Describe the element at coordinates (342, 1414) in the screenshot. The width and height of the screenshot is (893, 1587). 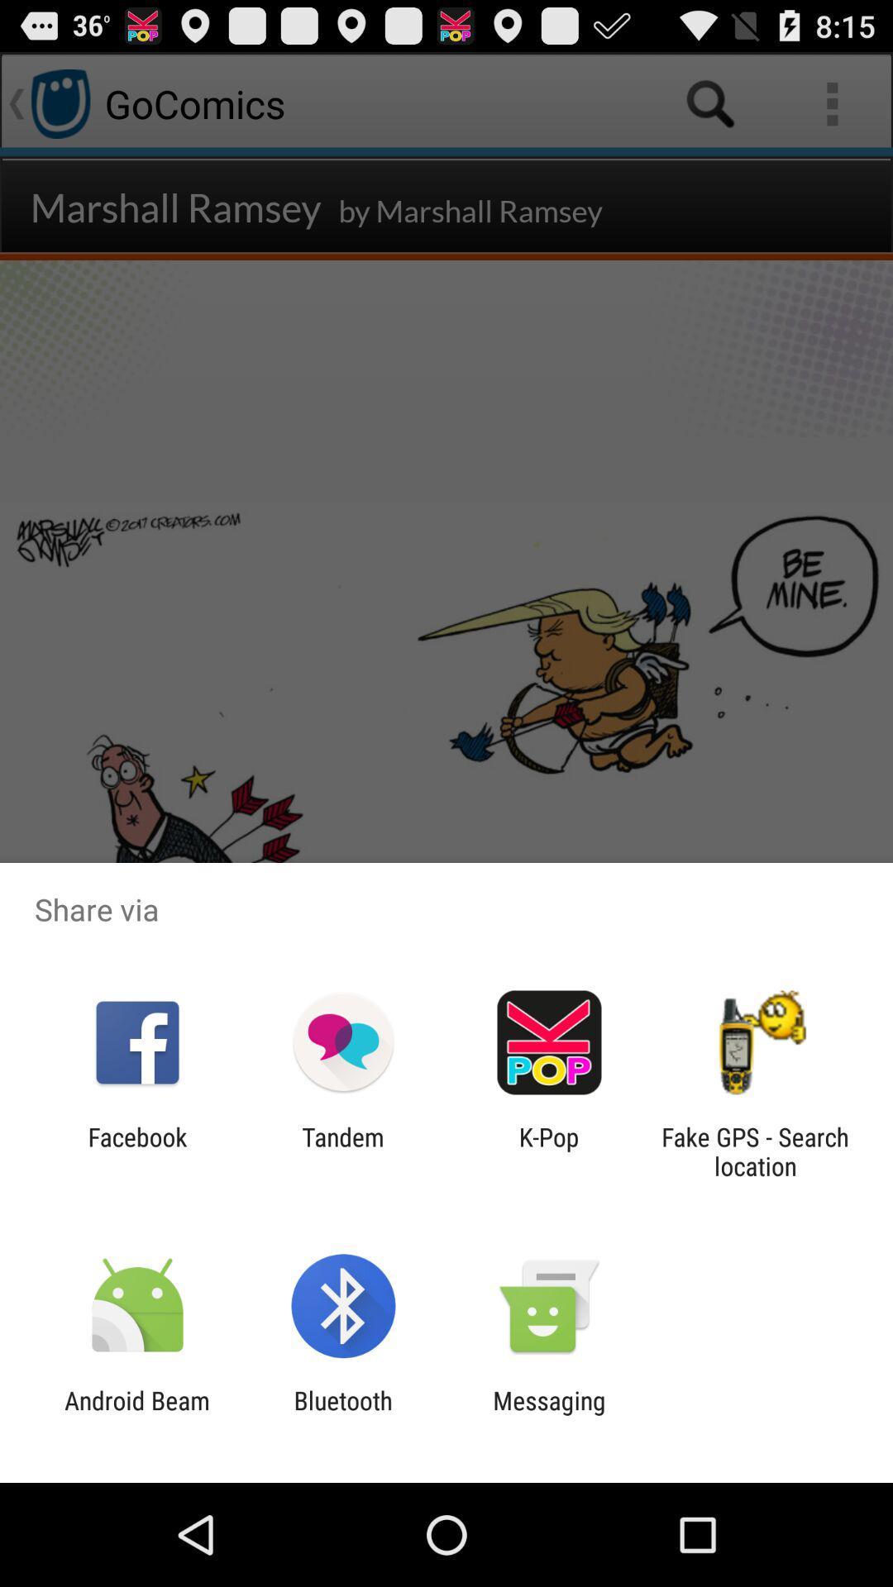
I see `the item to the right of android beam` at that location.